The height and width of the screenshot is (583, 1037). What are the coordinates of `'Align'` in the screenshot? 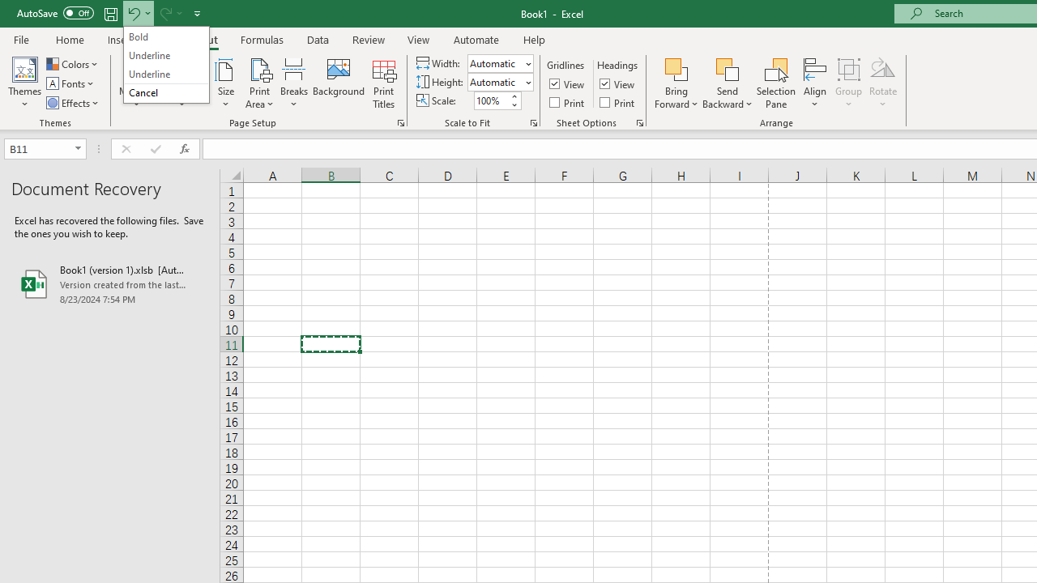 It's located at (815, 83).